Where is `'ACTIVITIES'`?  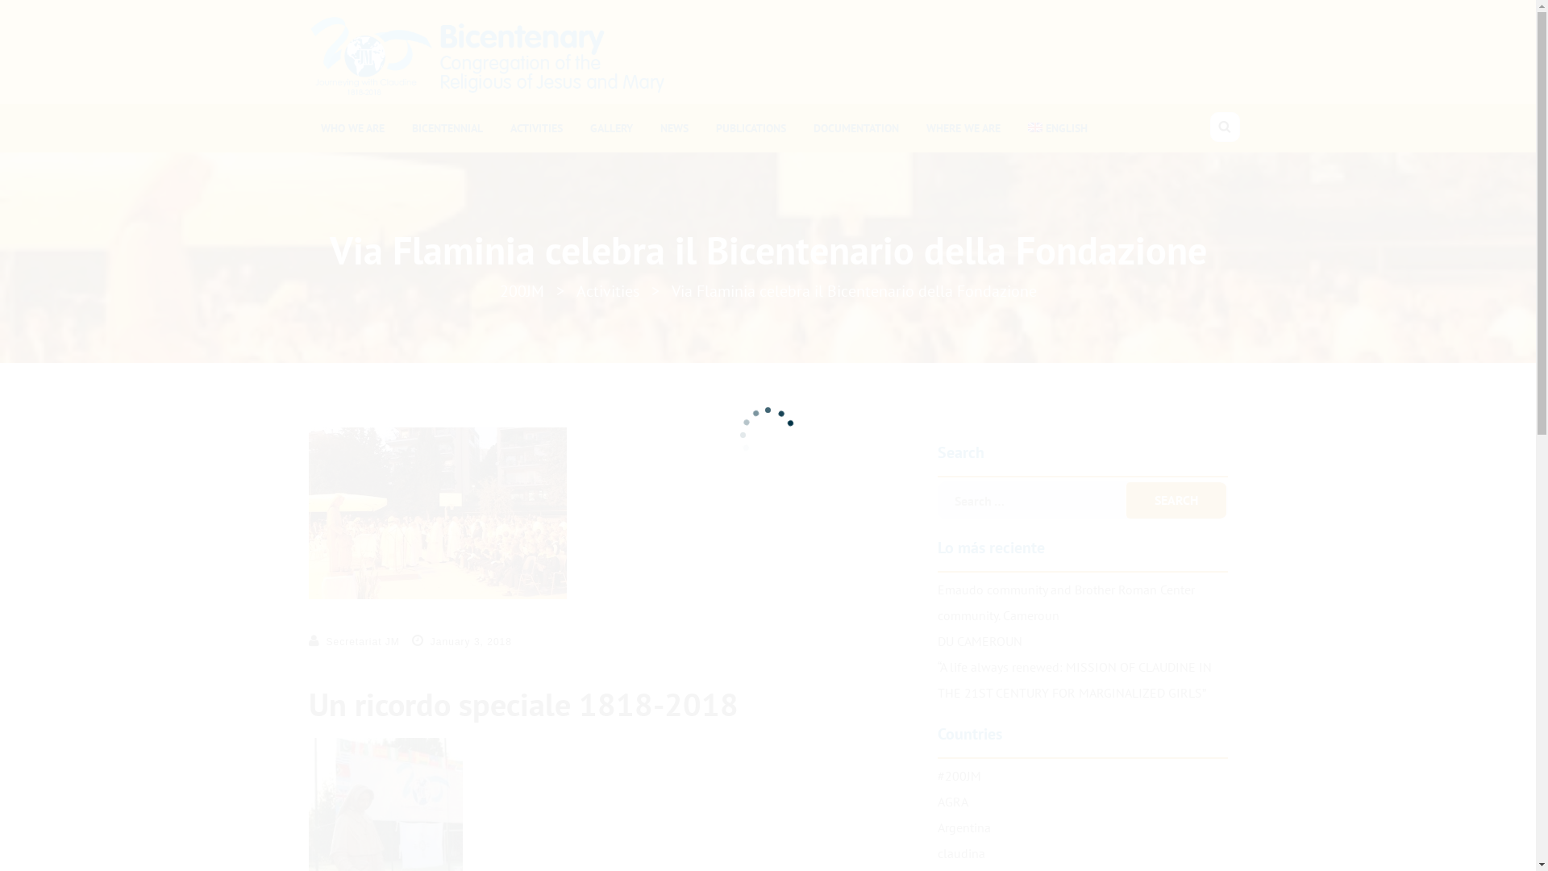
'ACTIVITIES' is located at coordinates (497, 127).